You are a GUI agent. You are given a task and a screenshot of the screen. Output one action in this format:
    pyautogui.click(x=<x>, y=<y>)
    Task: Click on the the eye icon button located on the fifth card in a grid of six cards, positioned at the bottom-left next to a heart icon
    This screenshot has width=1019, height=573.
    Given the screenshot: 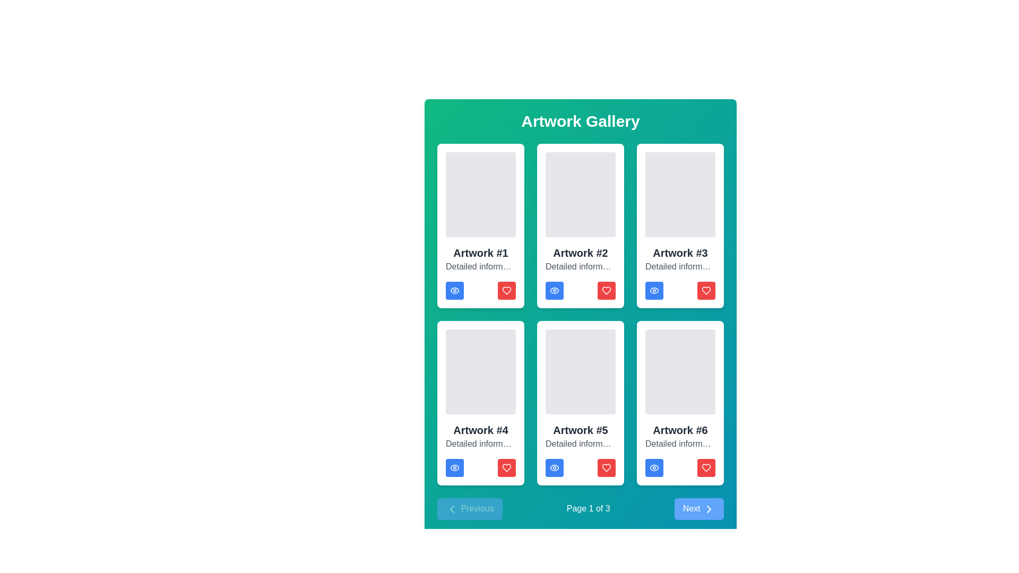 What is the action you would take?
    pyautogui.click(x=554, y=467)
    